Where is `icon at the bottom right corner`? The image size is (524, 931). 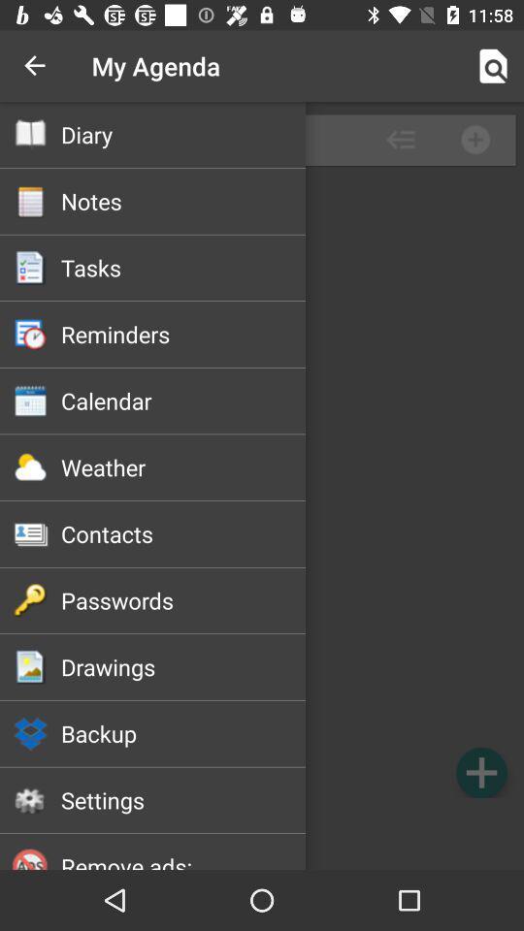 icon at the bottom right corner is located at coordinates (480, 772).